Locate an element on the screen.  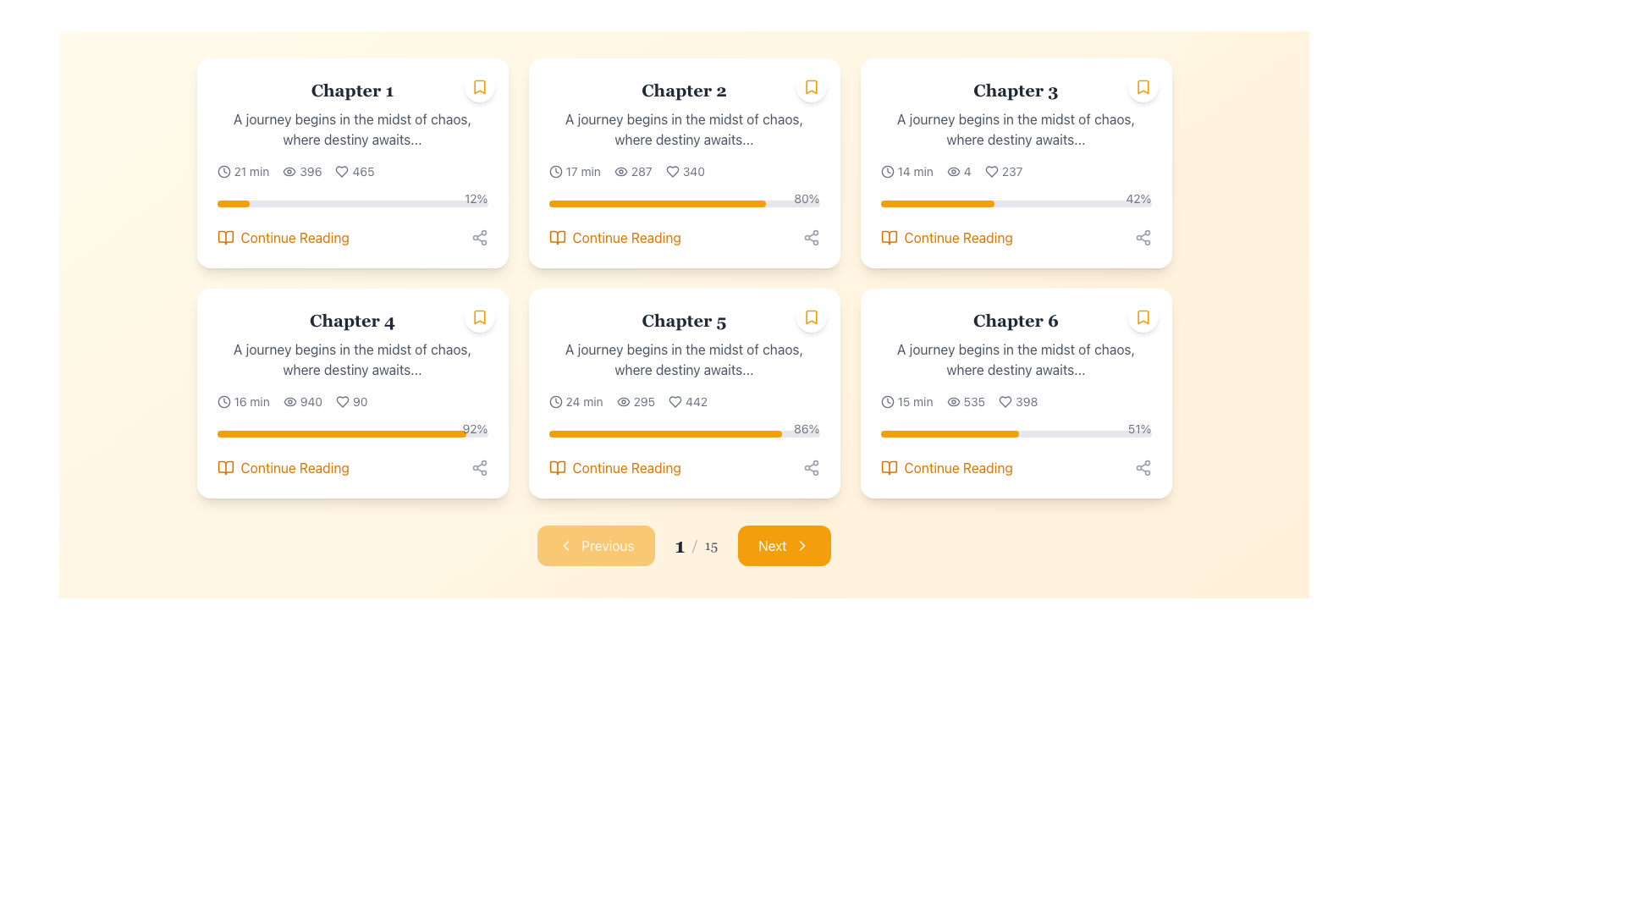
the numerical text '398' displayed in gray color next to the heart icon, located in the lower-right corner of the 'Chapter 6' card interface is located at coordinates (1026, 401).